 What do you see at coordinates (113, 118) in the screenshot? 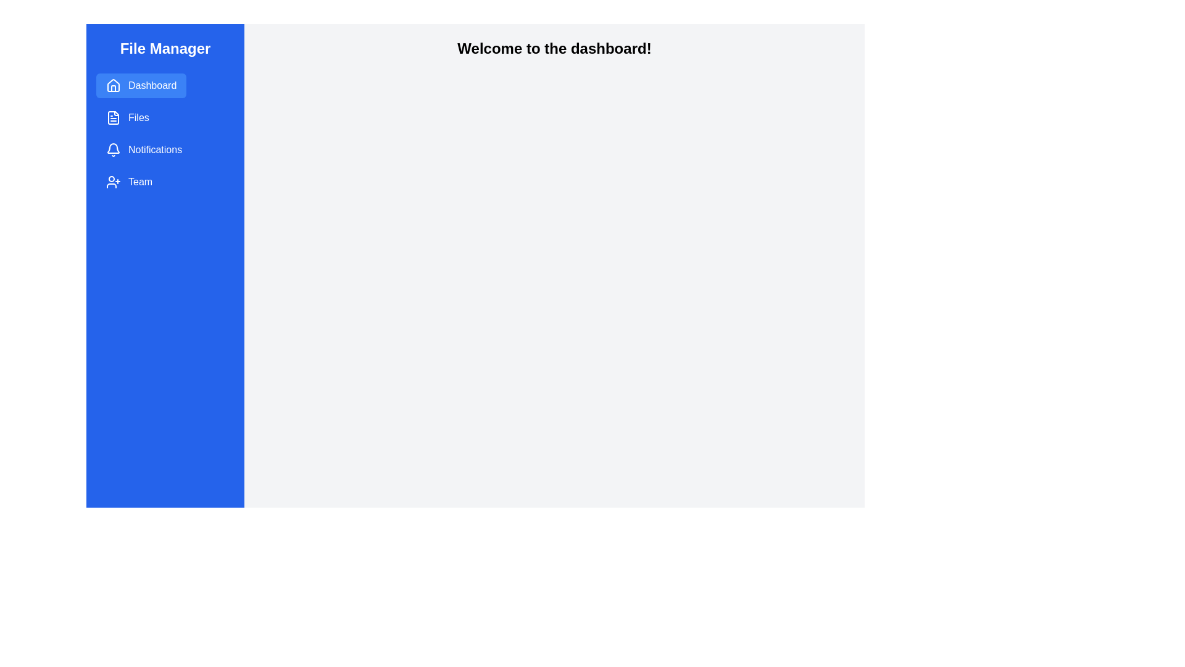
I see `the 'Files' menu icon located in the vertical sidebar, which is the second item below the 'Dashboard' icon and above the 'Notifications' icon` at bounding box center [113, 118].